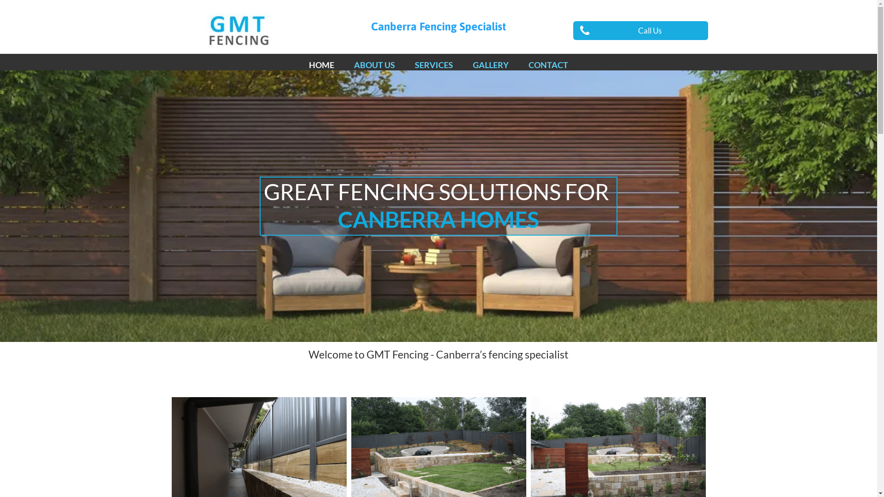  What do you see at coordinates (433, 64) in the screenshot?
I see `'SERVICES'` at bounding box center [433, 64].